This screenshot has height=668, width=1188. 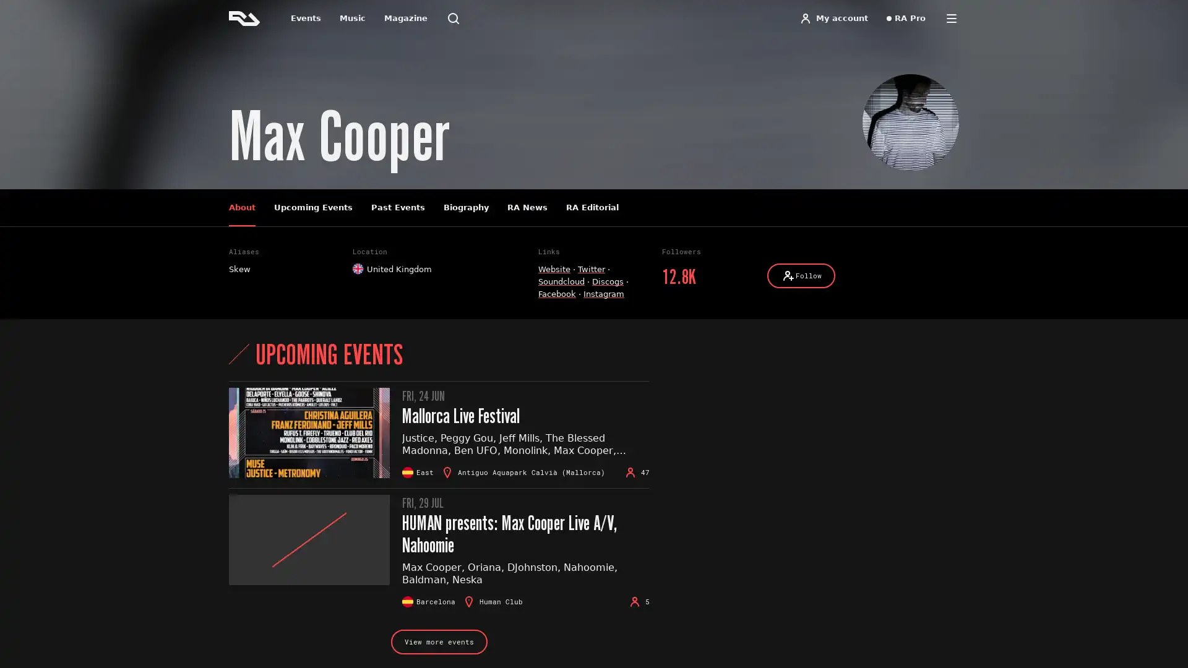 What do you see at coordinates (801, 274) in the screenshot?
I see `Follow Follow` at bounding box center [801, 274].